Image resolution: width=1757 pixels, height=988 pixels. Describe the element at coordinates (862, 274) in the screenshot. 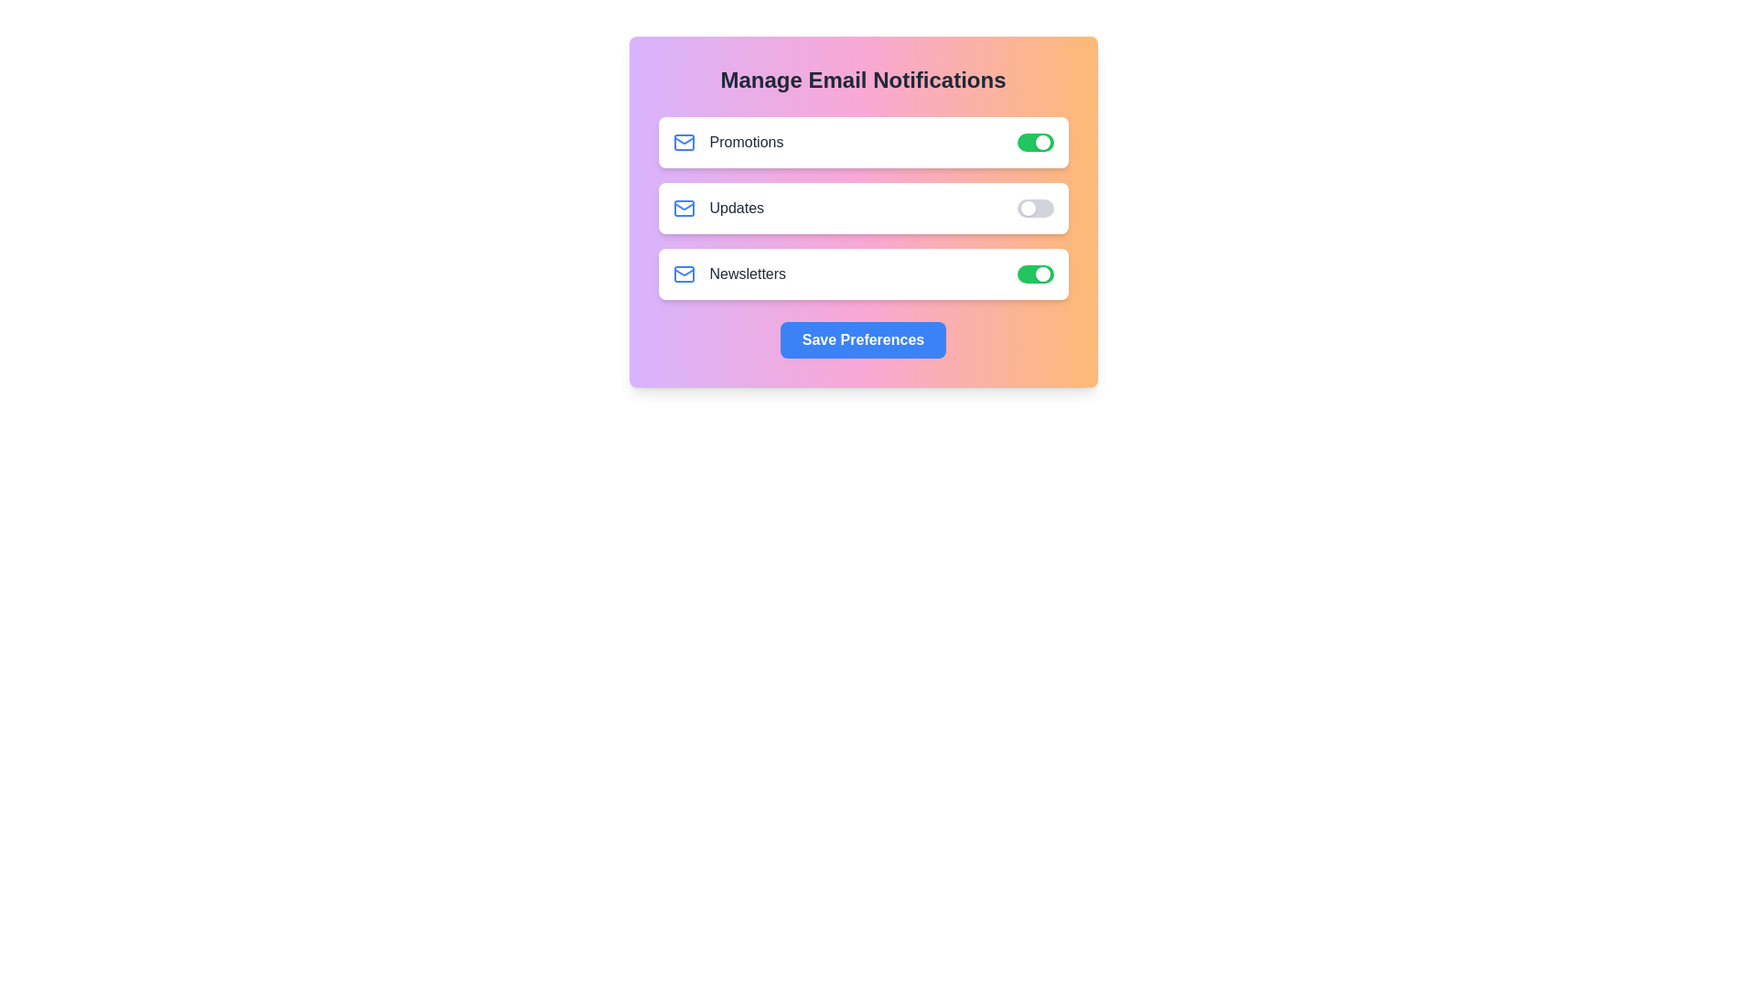

I see `the Newsletters section to observe its hover effect` at that location.